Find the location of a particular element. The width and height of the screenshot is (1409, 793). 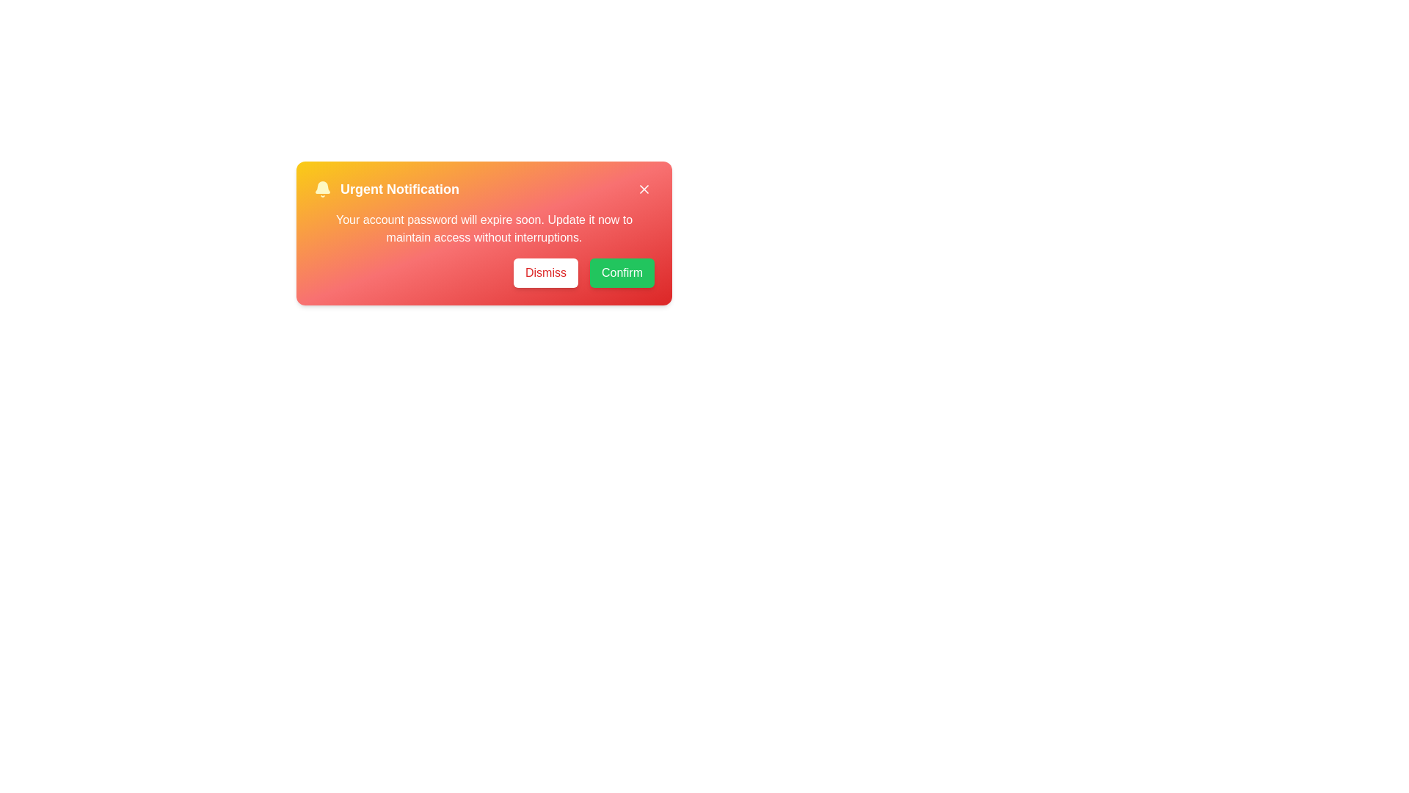

the close button in the top-right corner of the alert is located at coordinates (644, 189).